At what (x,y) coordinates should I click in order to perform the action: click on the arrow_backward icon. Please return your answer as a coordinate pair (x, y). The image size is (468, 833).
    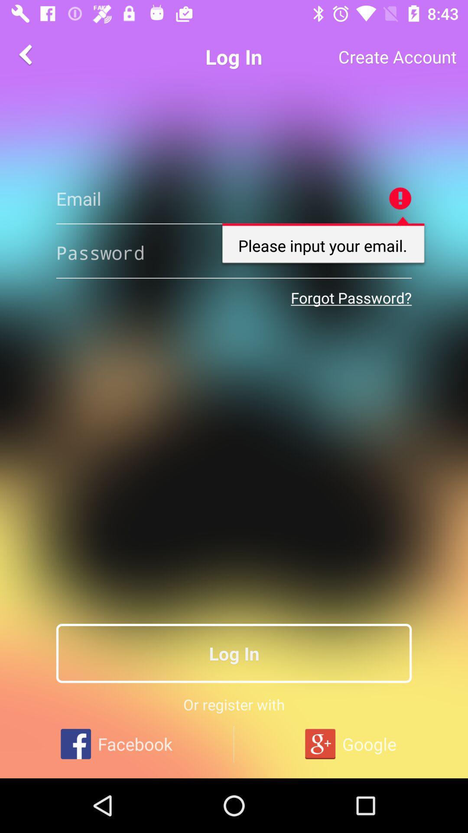
    Looking at the image, I should click on (26, 54).